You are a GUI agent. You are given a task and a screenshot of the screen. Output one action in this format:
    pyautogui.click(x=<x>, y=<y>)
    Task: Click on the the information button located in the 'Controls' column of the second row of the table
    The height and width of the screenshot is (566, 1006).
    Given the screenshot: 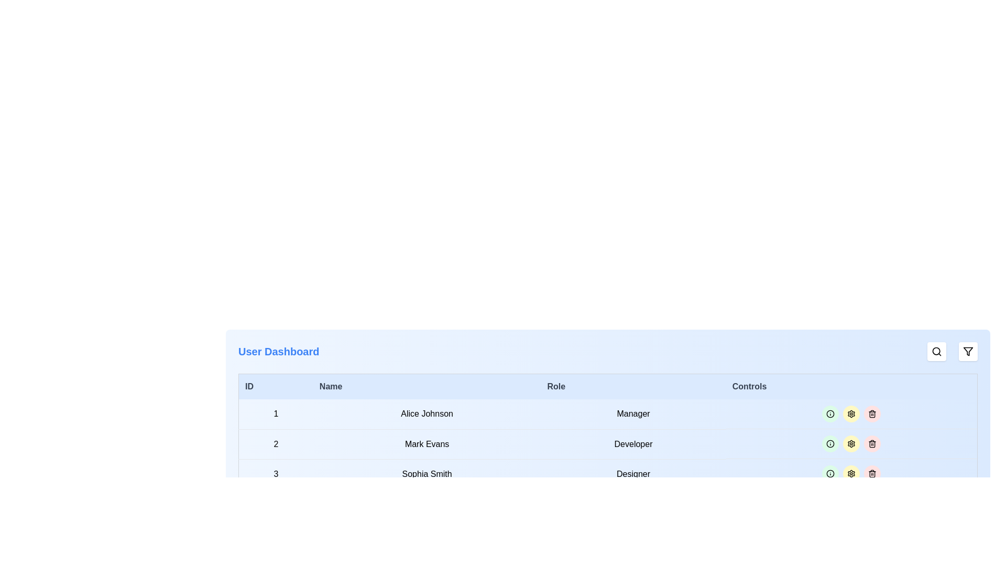 What is the action you would take?
    pyautogui.click(x=830, y=444)
    